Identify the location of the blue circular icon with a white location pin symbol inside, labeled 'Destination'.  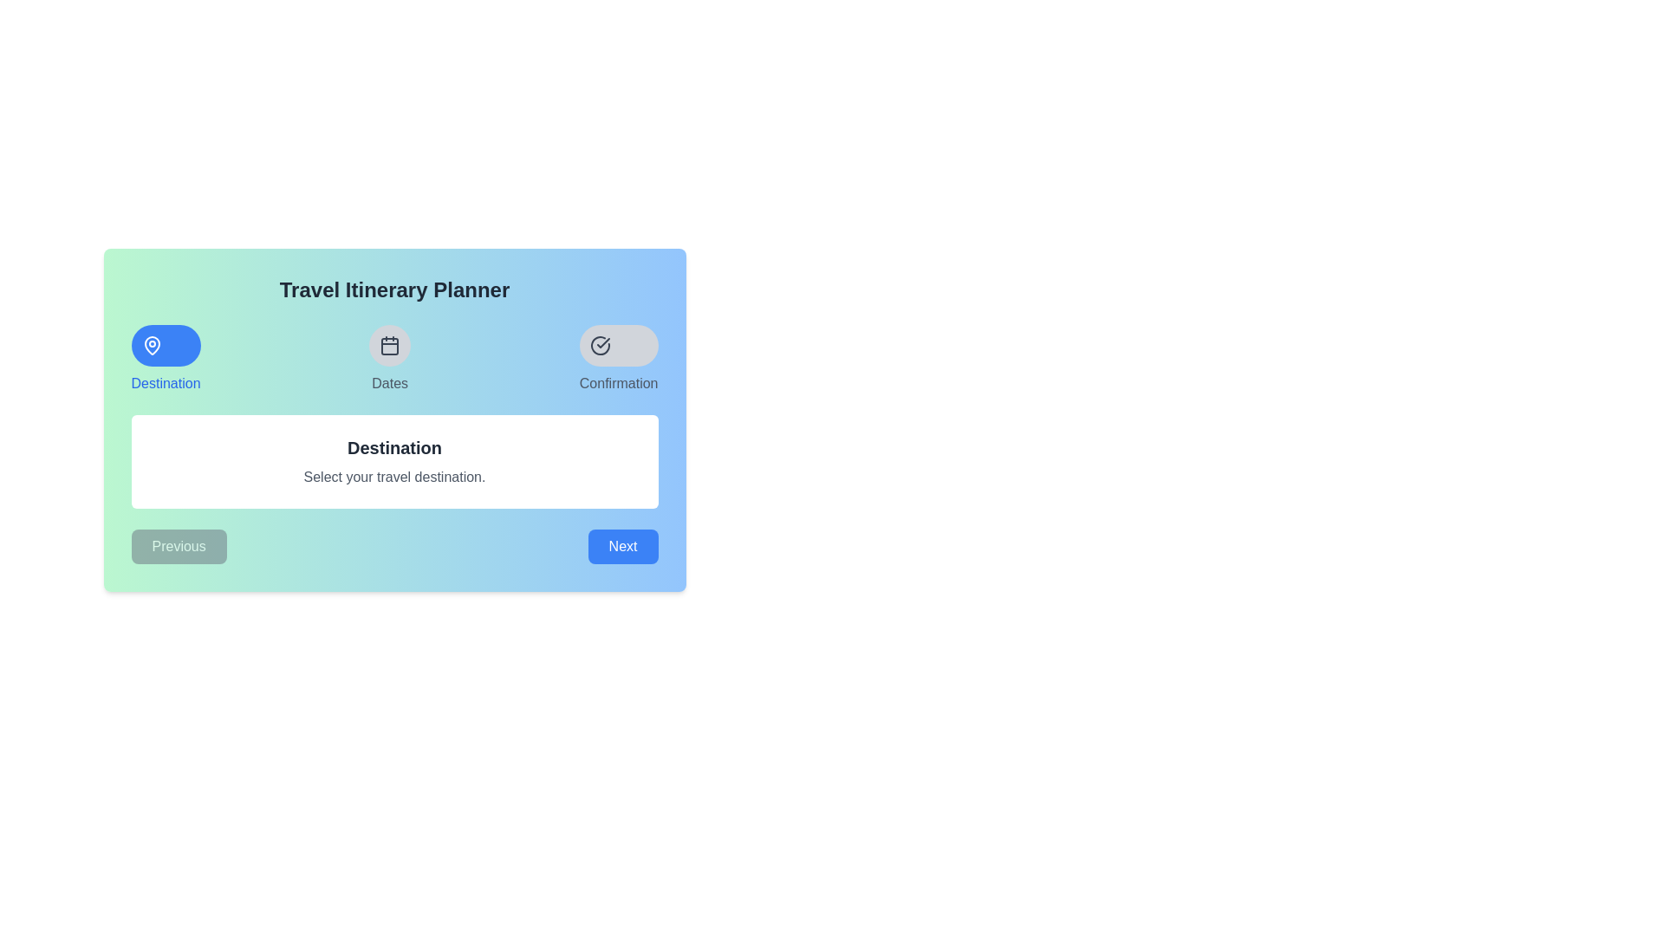
(166, 359).